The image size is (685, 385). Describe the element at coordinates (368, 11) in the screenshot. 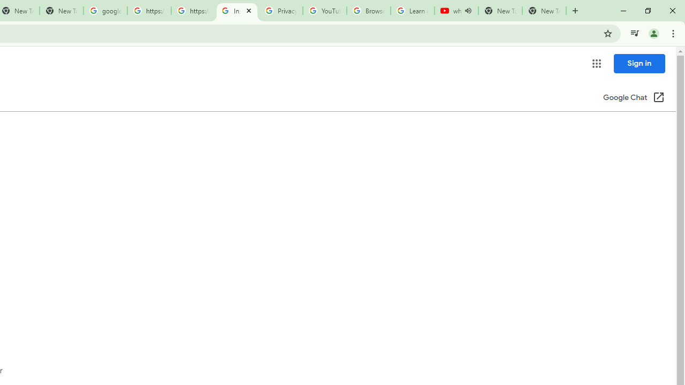

I see `'Browse Chrome as a guest - Computer - Google Chrome Help'` at that location.